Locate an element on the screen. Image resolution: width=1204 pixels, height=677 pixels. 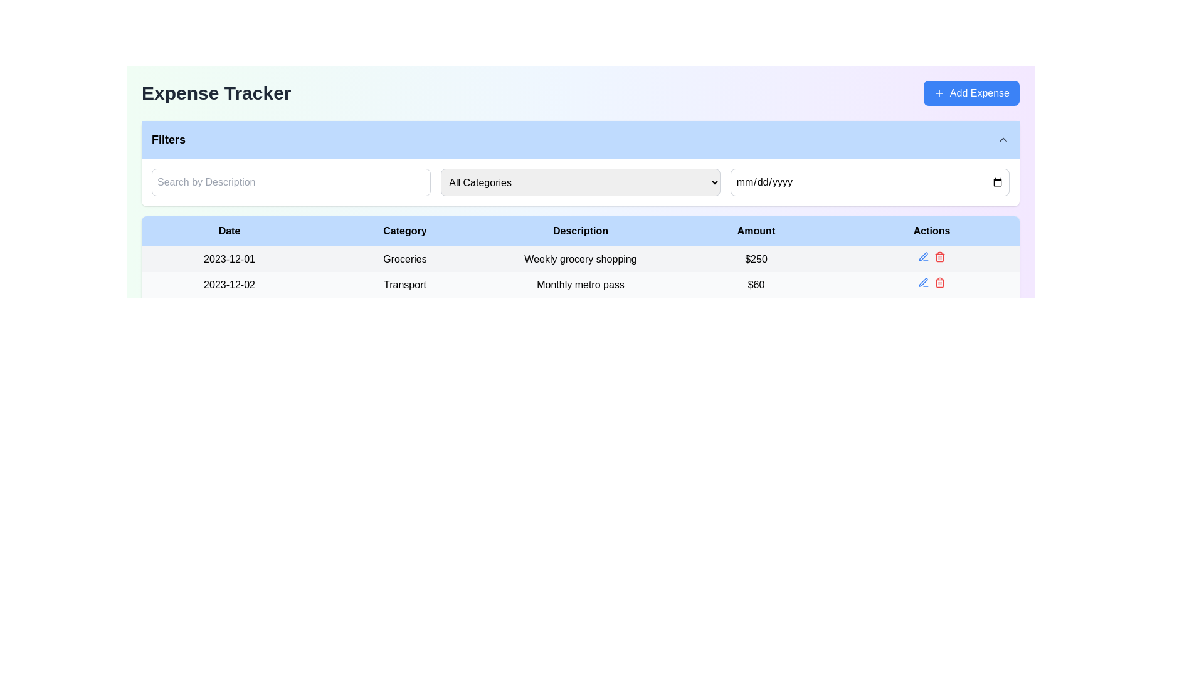
the 'Add Expense' button located at the top-right corner of the interface, styled with a blue background and white text is located at coordinates (971, 93).